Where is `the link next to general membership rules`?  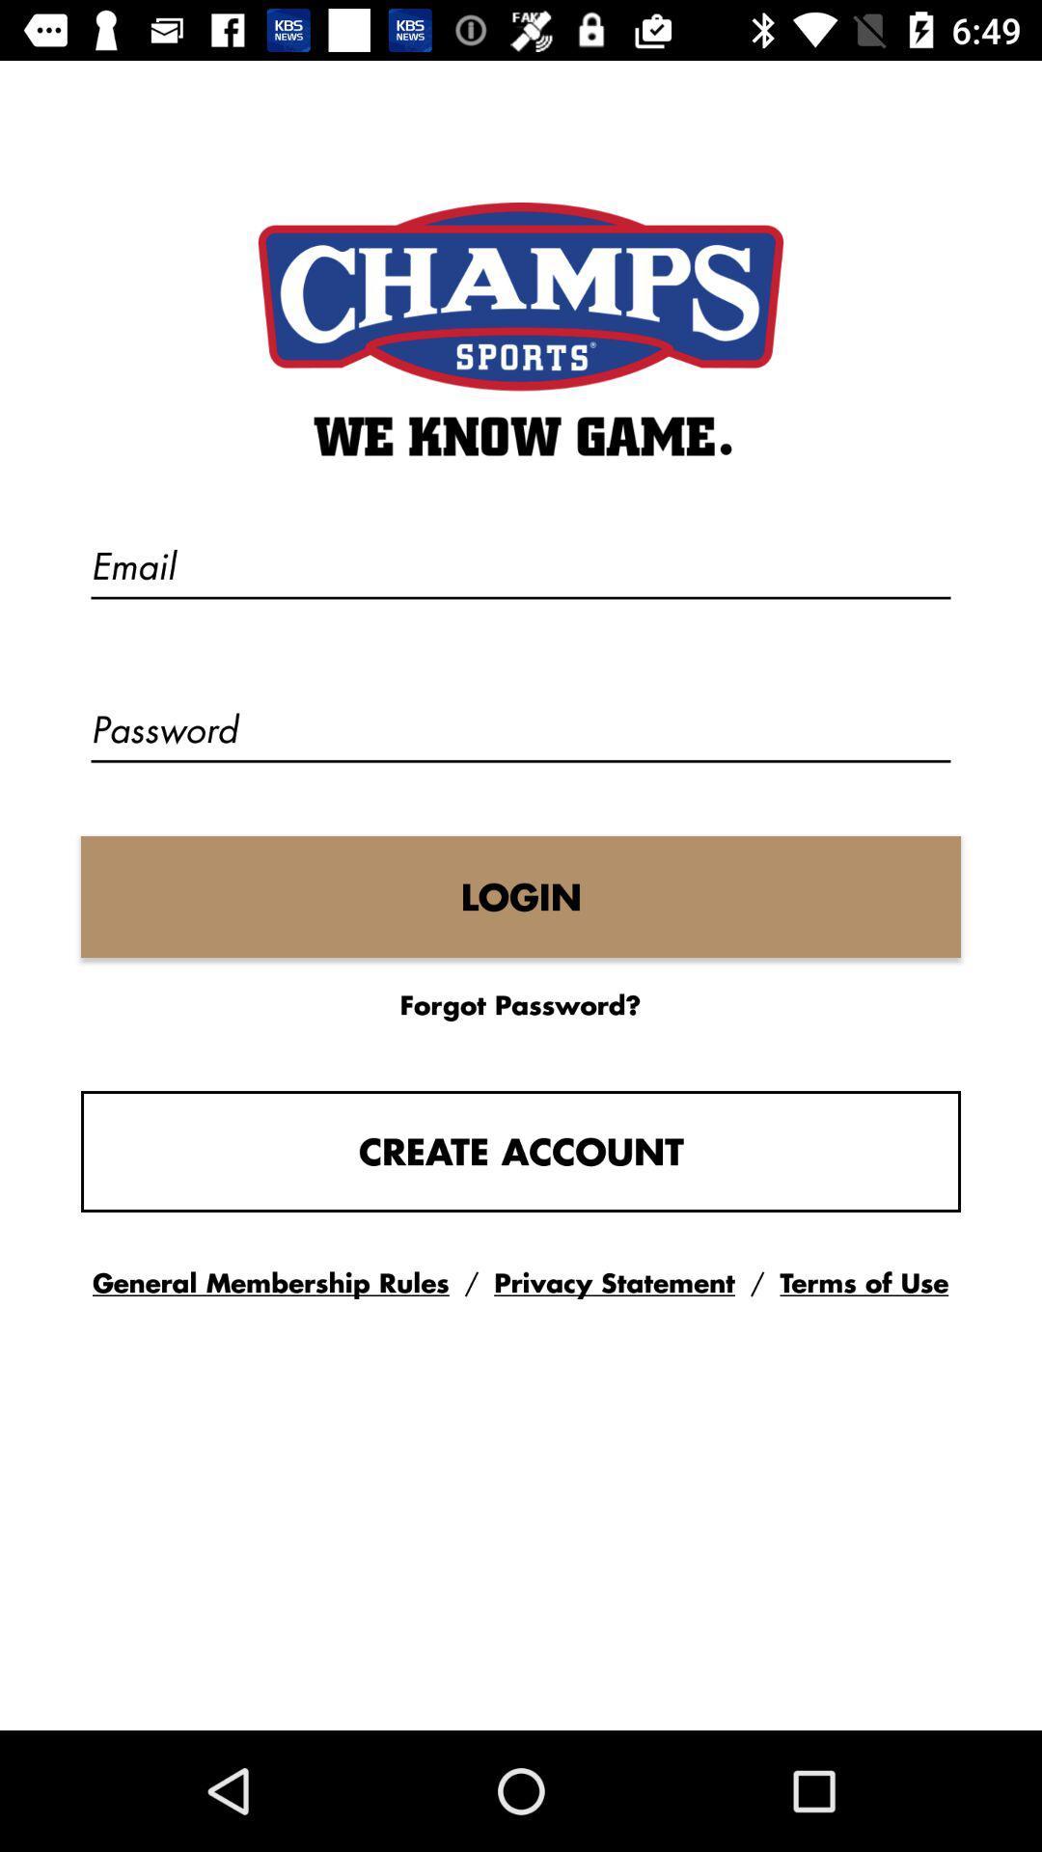
the link next to general membership rules is located at coordinates (615, 1283).